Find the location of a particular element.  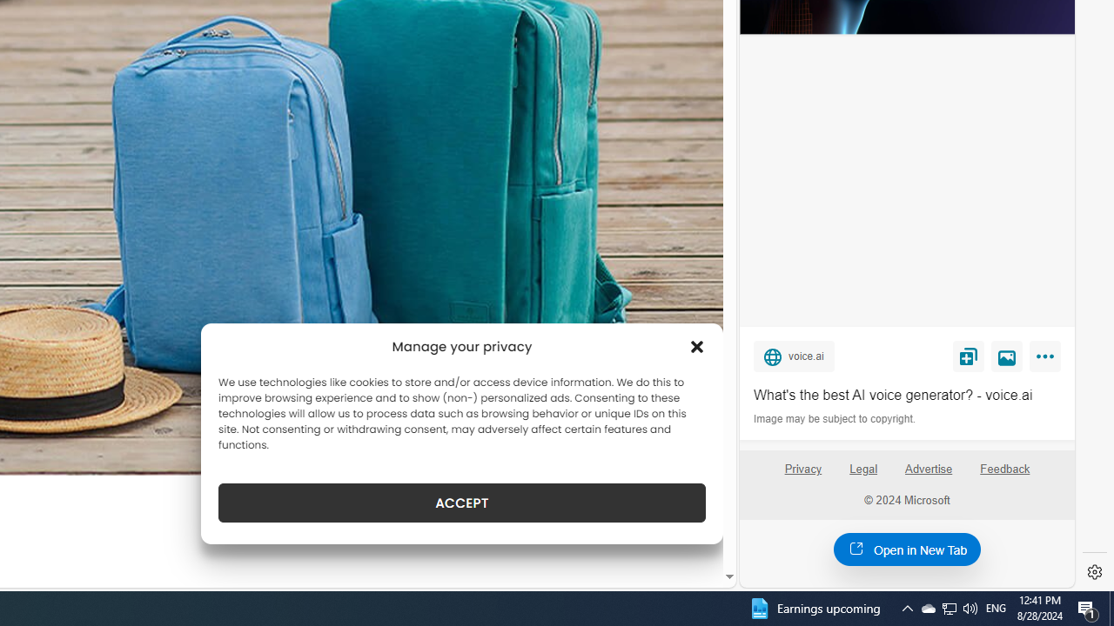

'Open in New Tab' is located at coordinates (906, 549).